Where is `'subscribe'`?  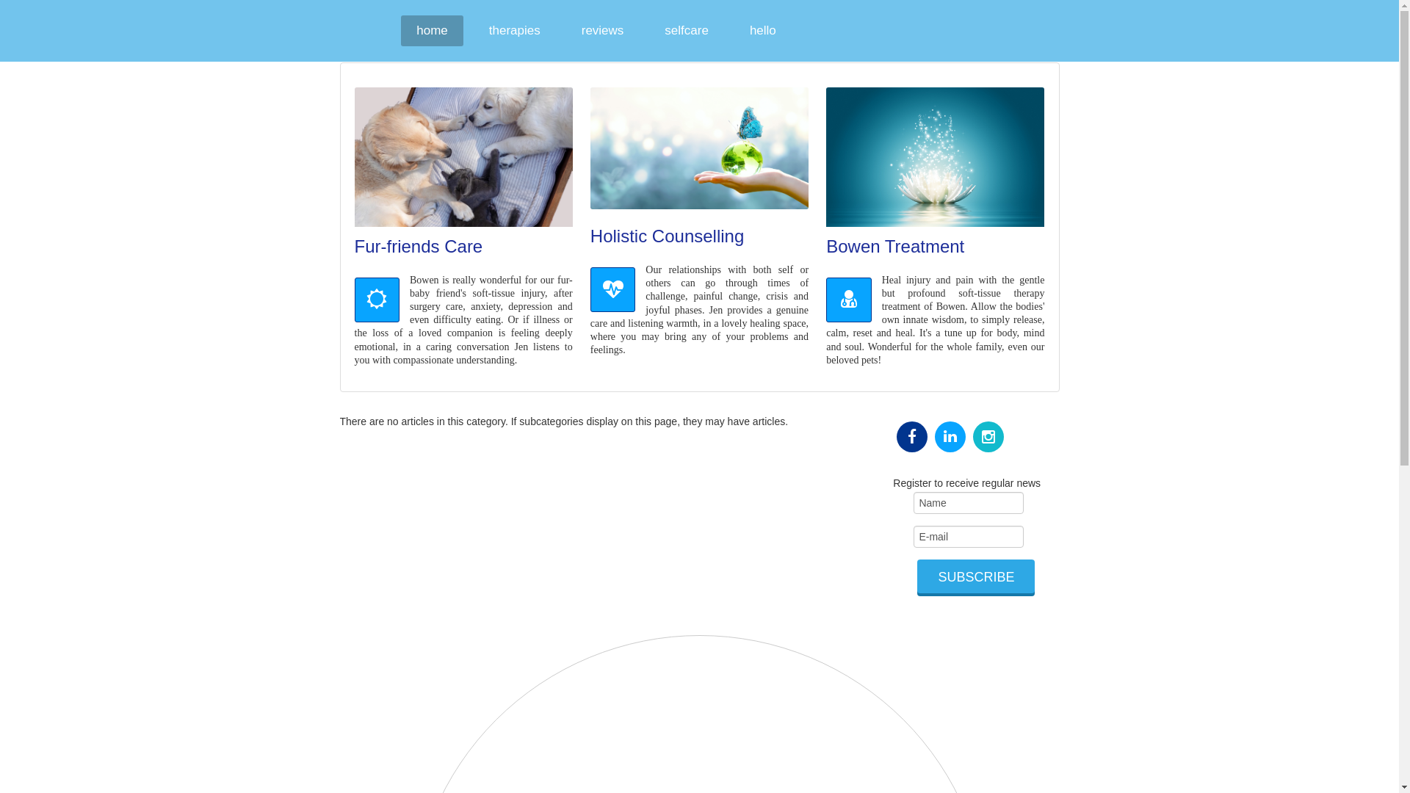
'subscribe' is located at coordinates (976, 576).